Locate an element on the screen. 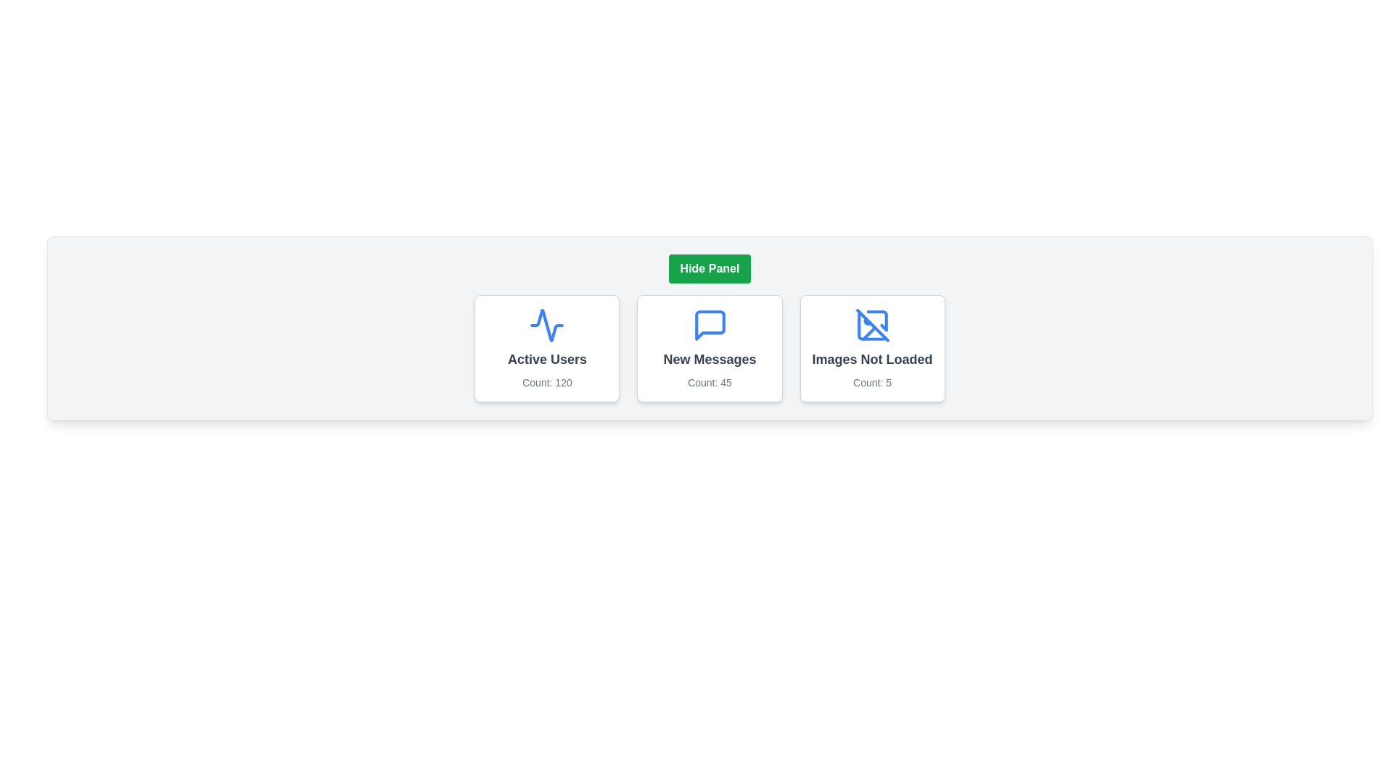  the text label that indicates the statistic about active users, located below the blue wave icon and above the smaller text 'Count: 120' is located at coordinates (546, 359).